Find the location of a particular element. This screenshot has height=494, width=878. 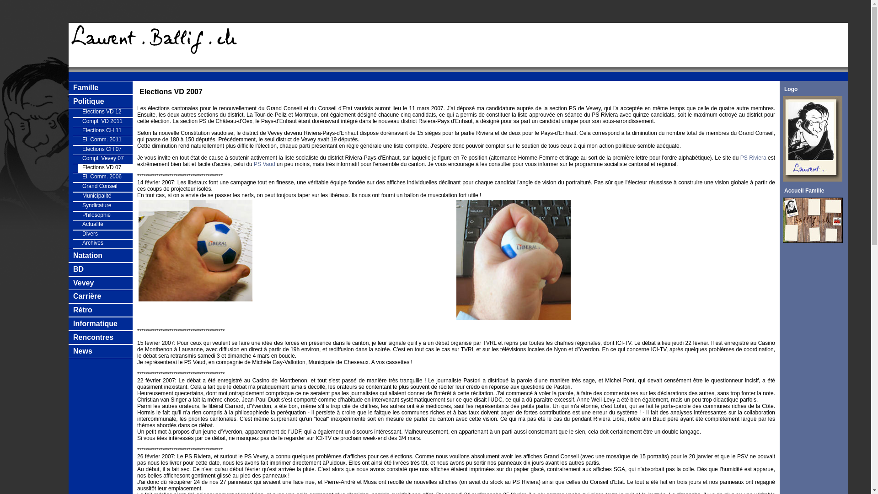

'Syndicature' is located at coordinates (107, 204).